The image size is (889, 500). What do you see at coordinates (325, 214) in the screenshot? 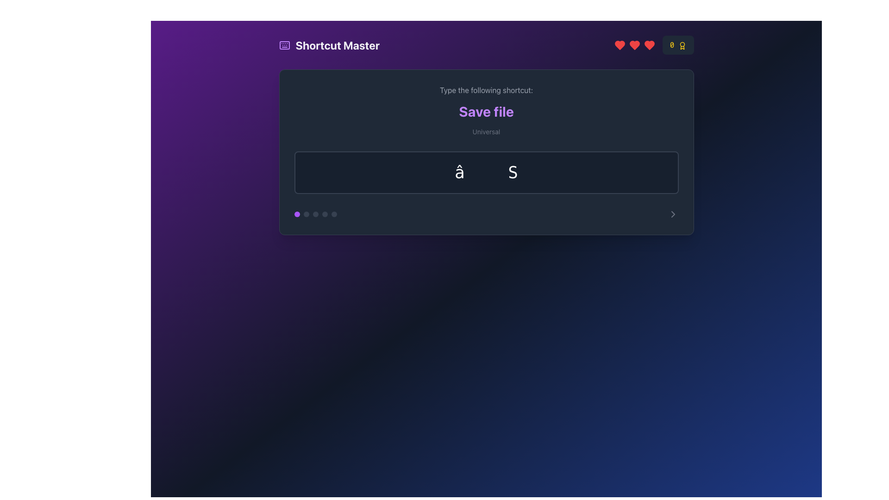
I see `the fourth circular pagination indicator located in the bottom section of the modal-like interface` at bounding box center [325, 214].